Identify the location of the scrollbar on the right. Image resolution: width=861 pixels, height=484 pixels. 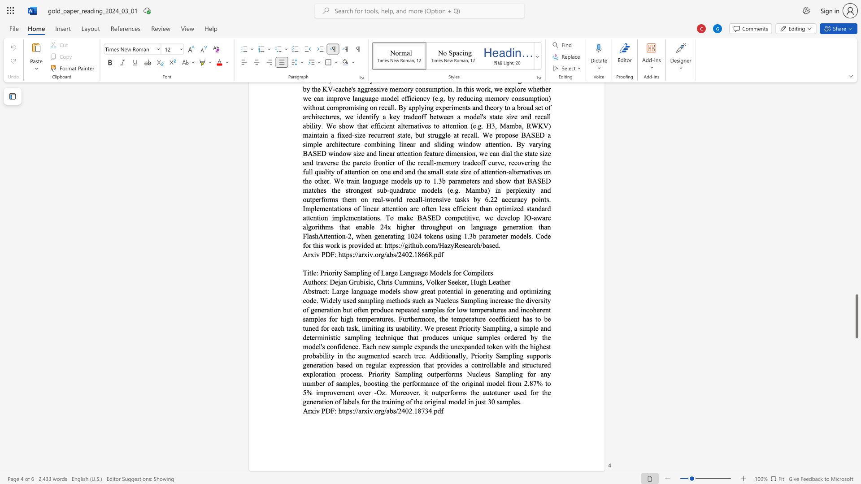
(856, 196).